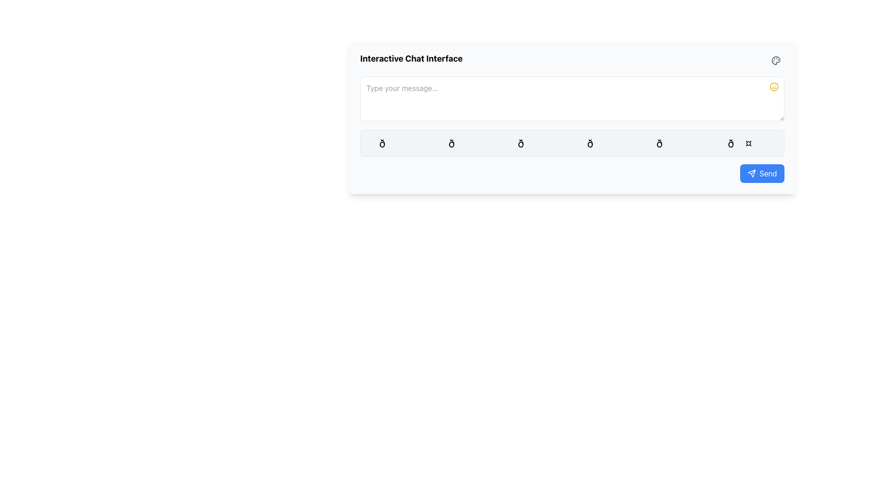  Describe the element at coordinates (468, 143) in the screenshot. I see `the second emoji in the horizontal emoji grid` at that location.